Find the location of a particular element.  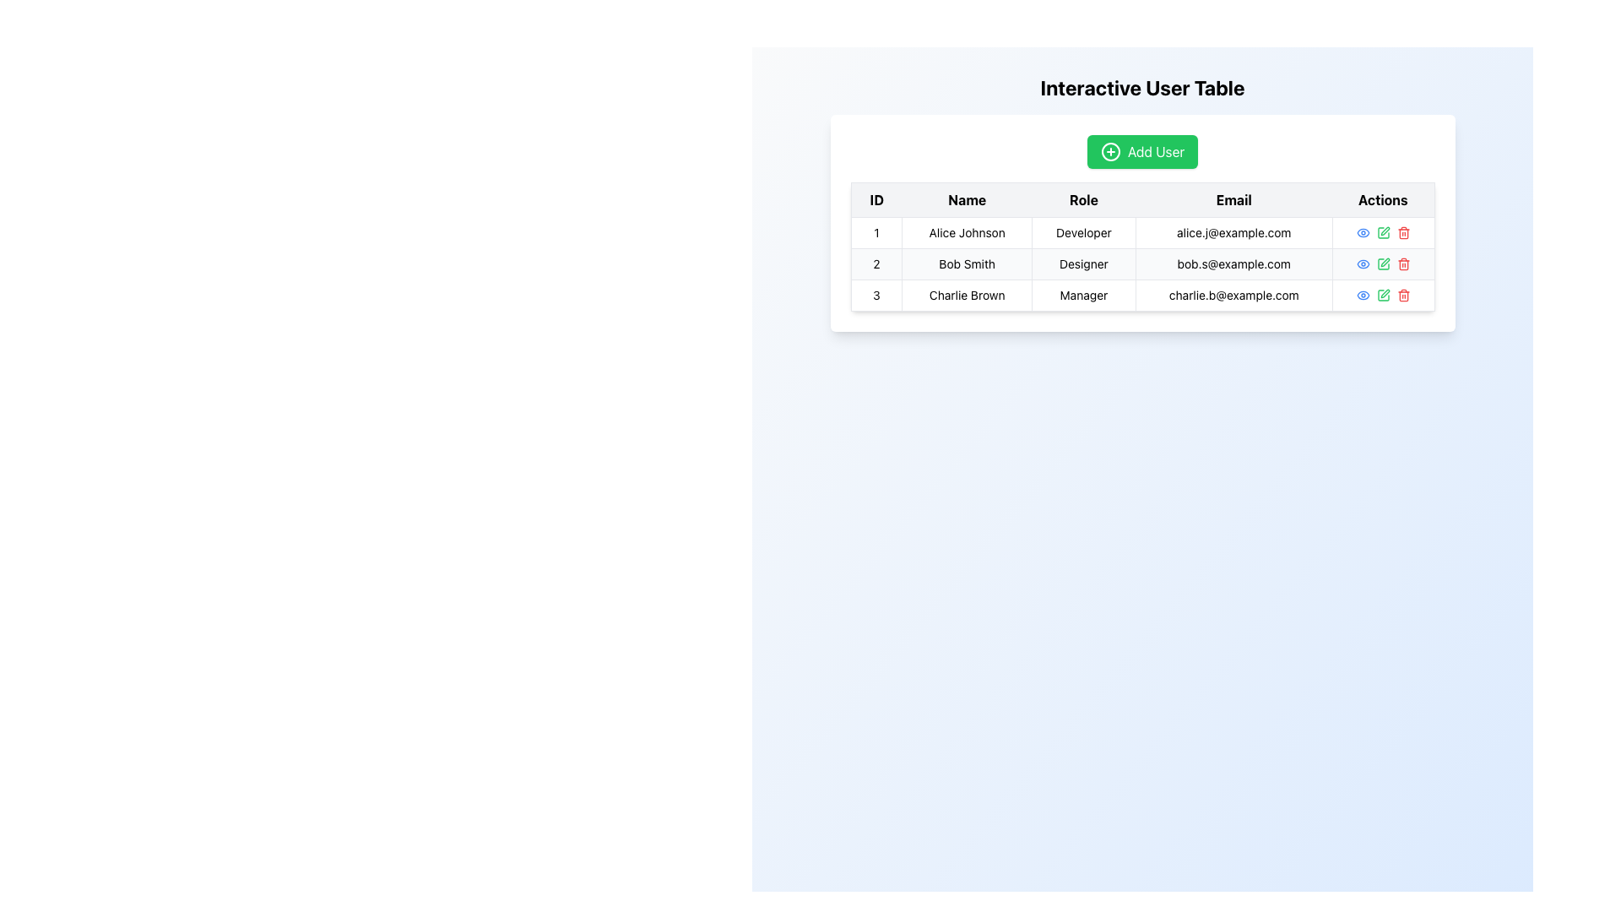

the delete button located in the actions column of the second row in the table is located at coordinates (1403, 263).